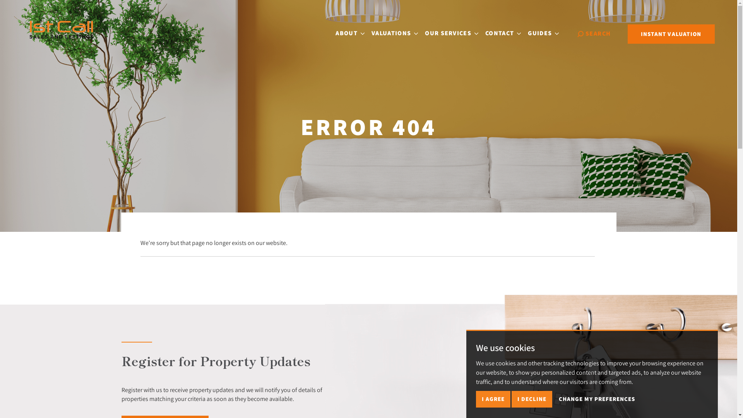 The width and height of the screenshot is (743, 418). Describe the element at coordinates (493, 399) in the screenshot. I see `'I AGREE'` at that location.